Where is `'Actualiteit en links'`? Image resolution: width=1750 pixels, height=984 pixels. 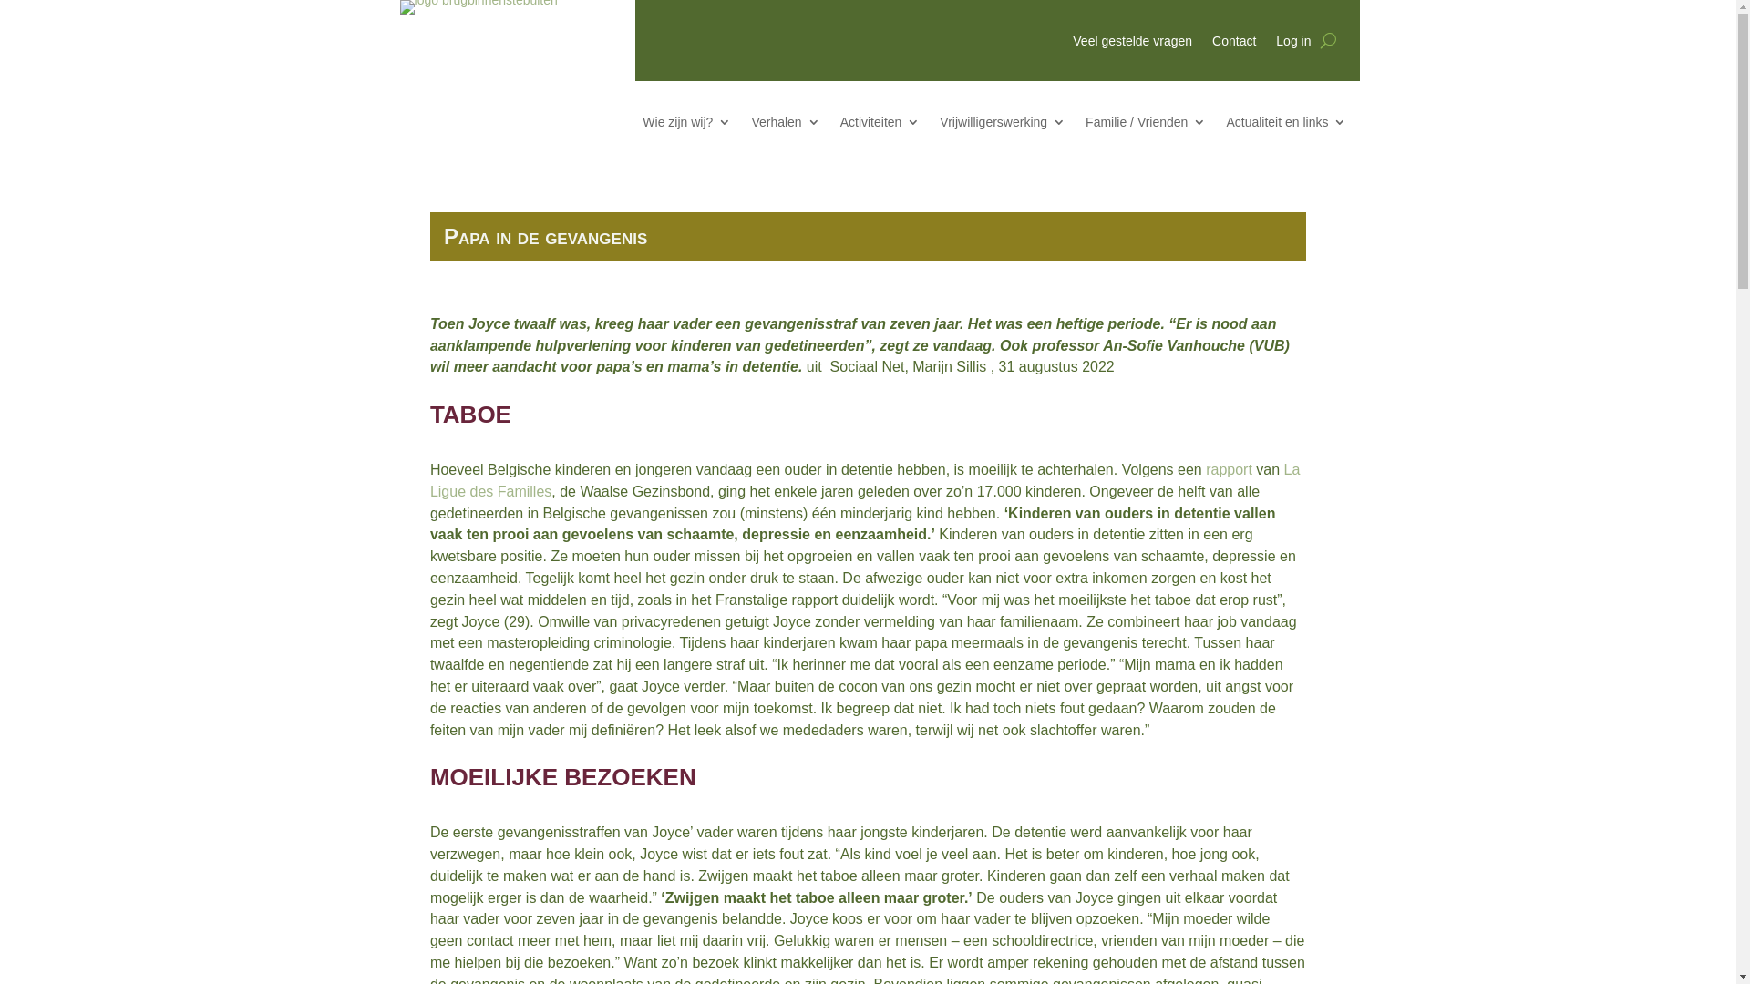
'Actualiteit en links' is located at coordinates (1285, 125).